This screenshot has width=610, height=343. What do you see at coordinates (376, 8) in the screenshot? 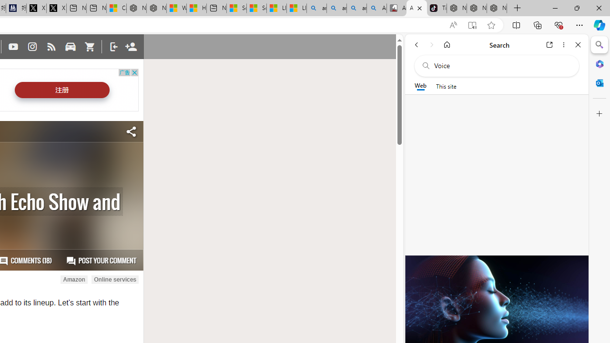
I see `'Amazon Echo Robot - Search Images'` at bounding box center [376, 8].